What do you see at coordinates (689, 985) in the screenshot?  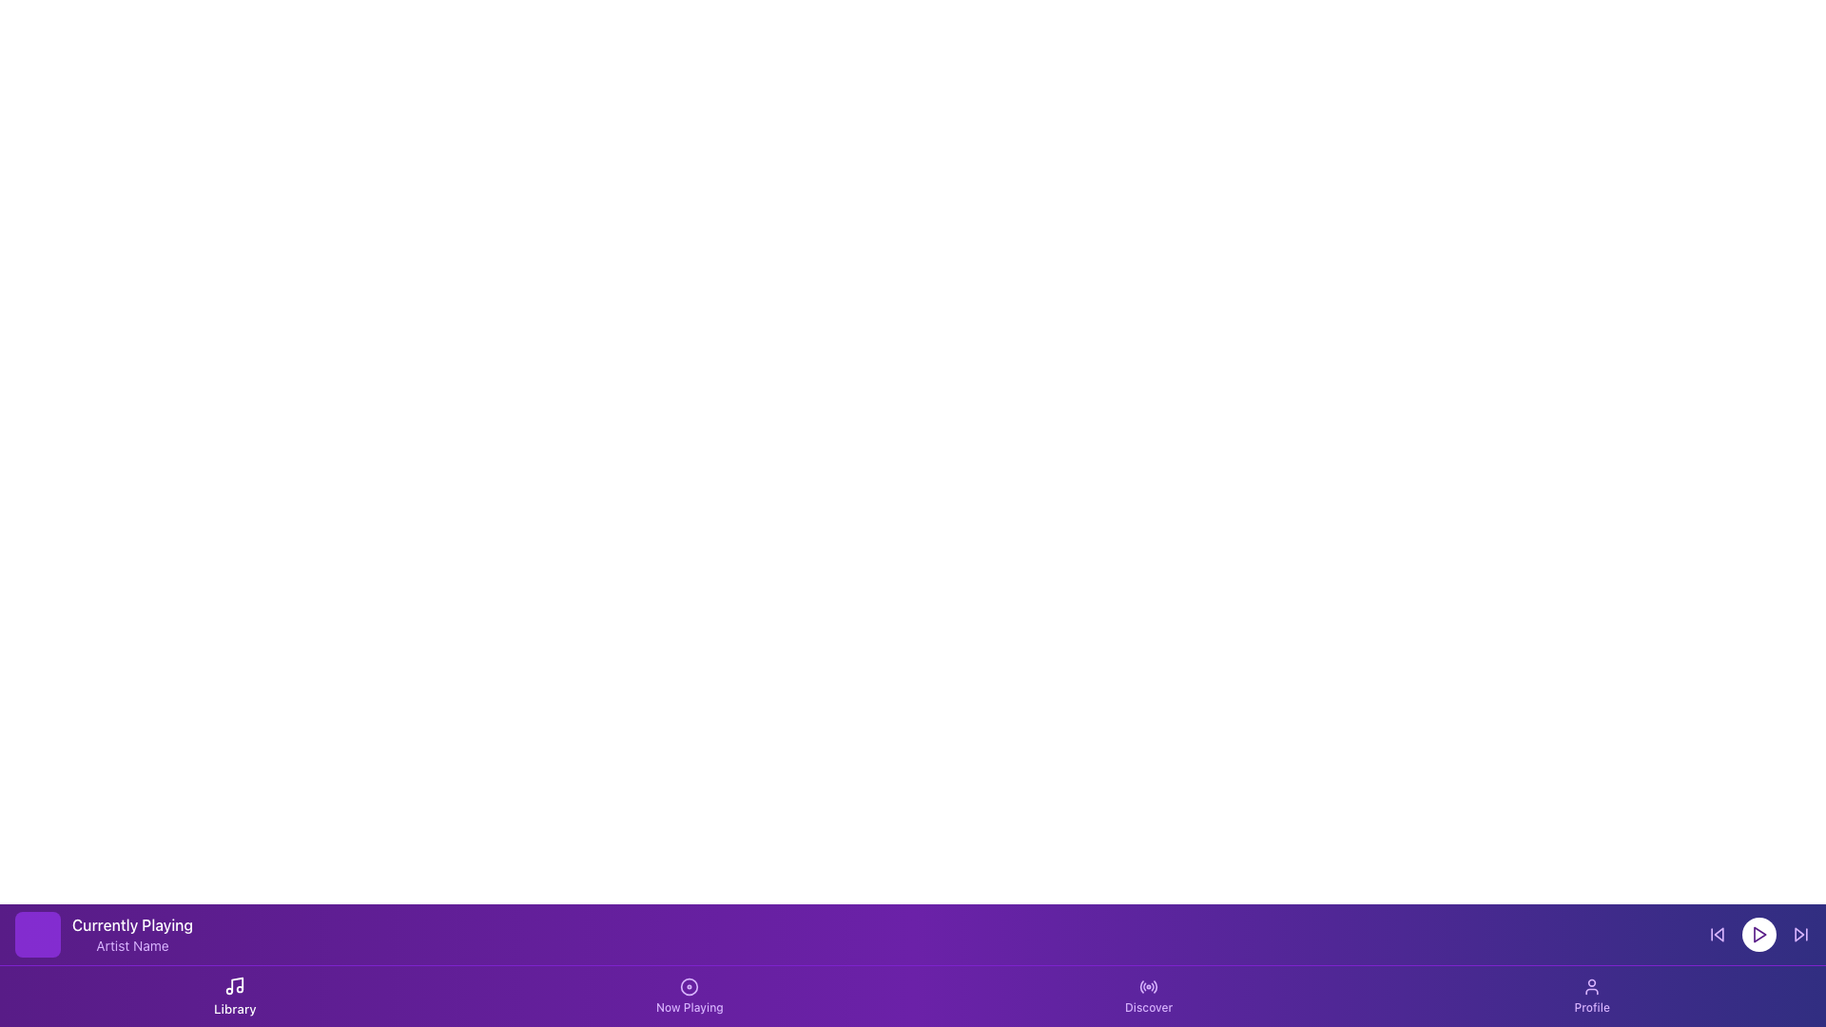 I see `the 'Now Playing' icon in the navigation bar` at bounding box center [689, 985].